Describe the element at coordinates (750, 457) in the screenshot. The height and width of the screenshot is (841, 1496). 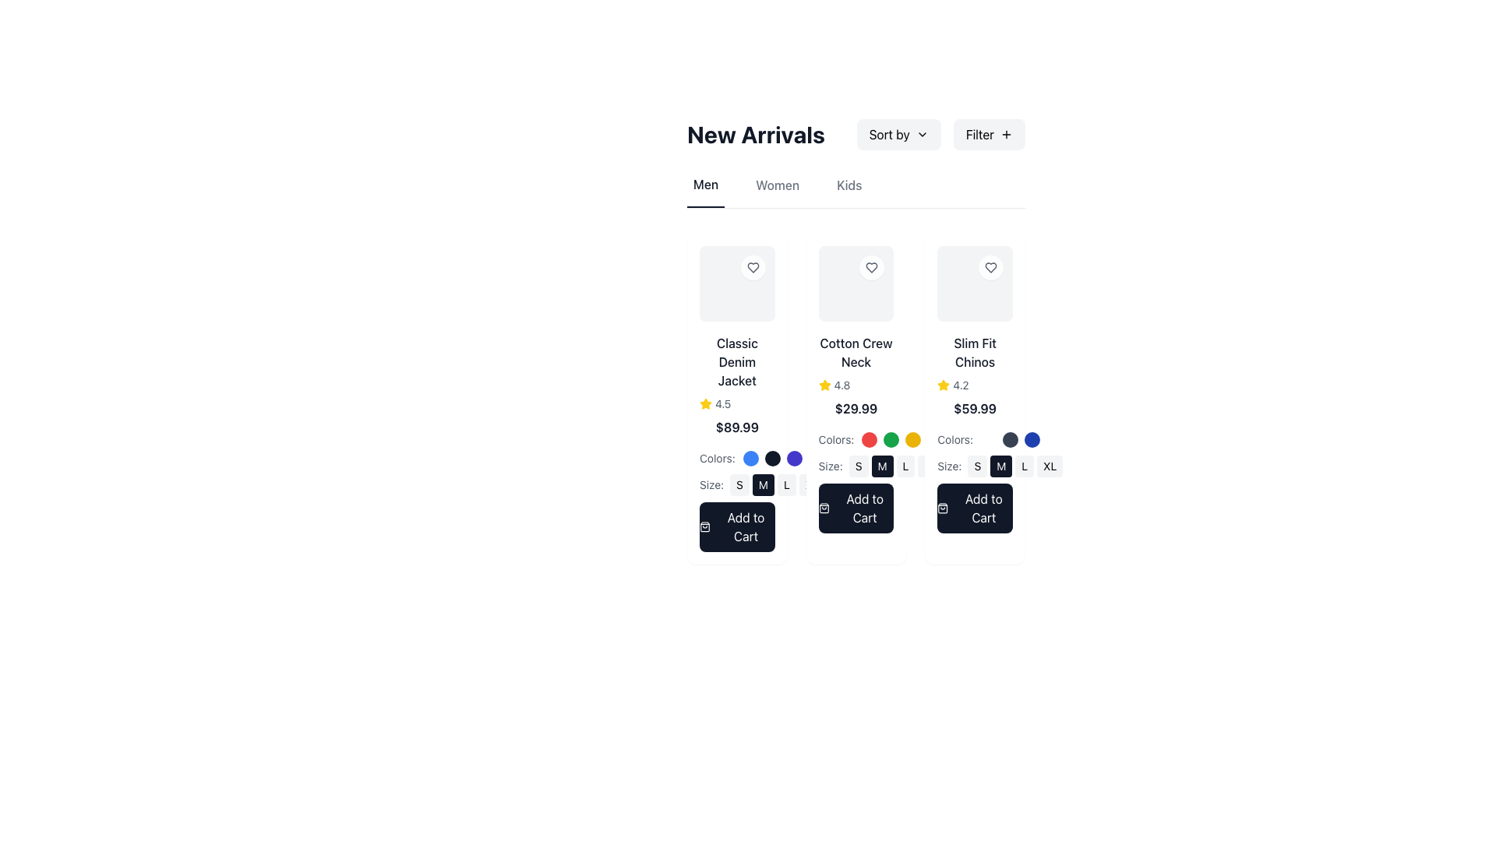
I see `the color selection button for the 'Classic Denim Jacket' located on the leftmost side of a row of three circular elements in the 'Colors:' section` at that location.